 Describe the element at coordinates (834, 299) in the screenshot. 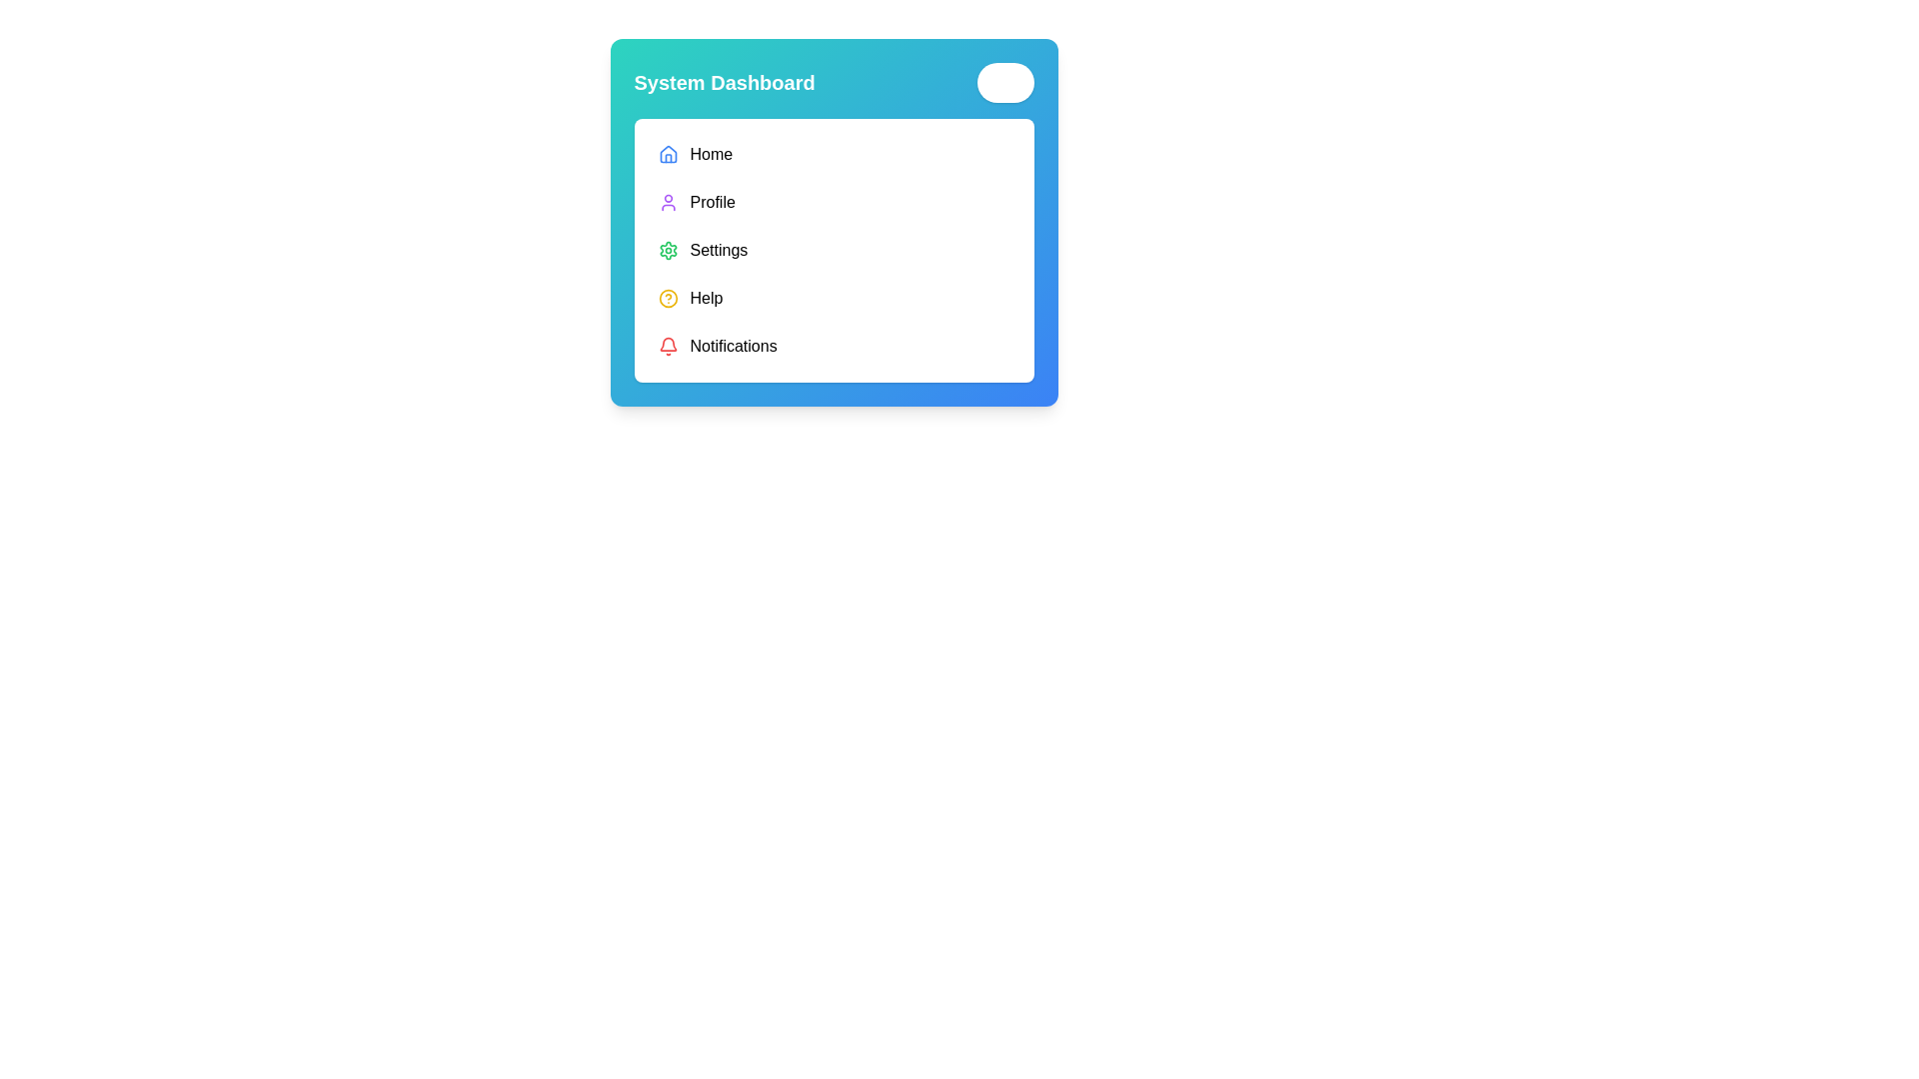

I see `the navigational button located in the sidebar panel` at that location.